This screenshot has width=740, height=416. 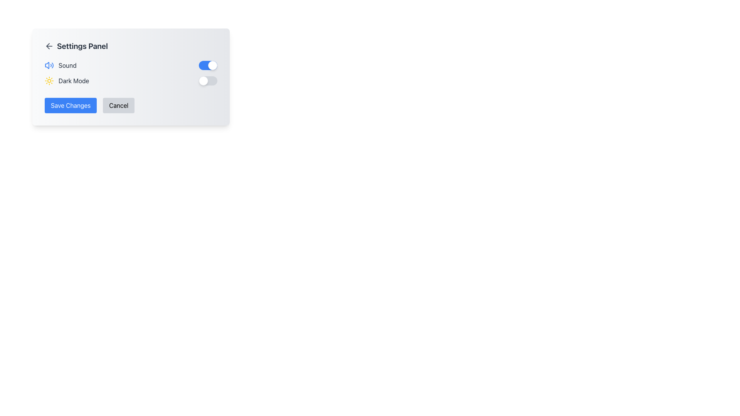 I want to click on the text label indicating sound or audio-related features in the settings panel, which is positioned next to an audio icon, so click(x=67, y=65).